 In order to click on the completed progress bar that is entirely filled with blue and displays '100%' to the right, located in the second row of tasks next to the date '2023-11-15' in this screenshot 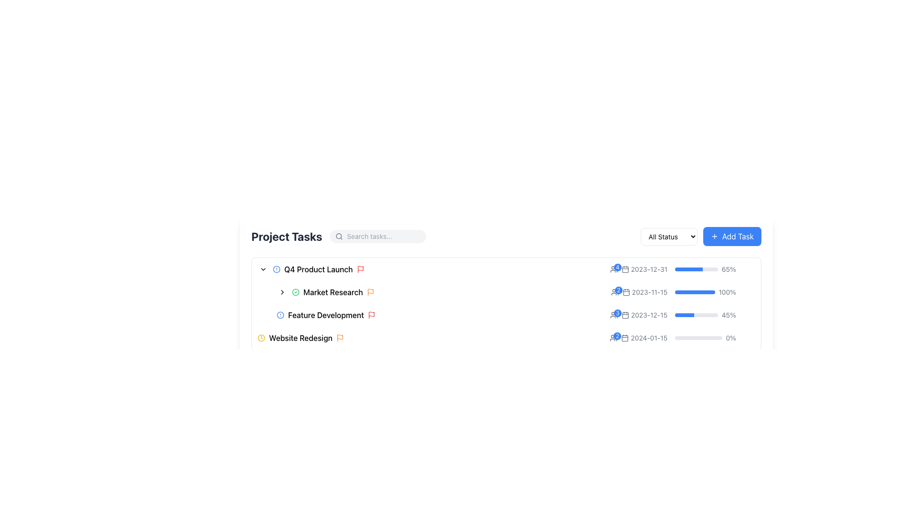, I will do `click(705, 292)`.